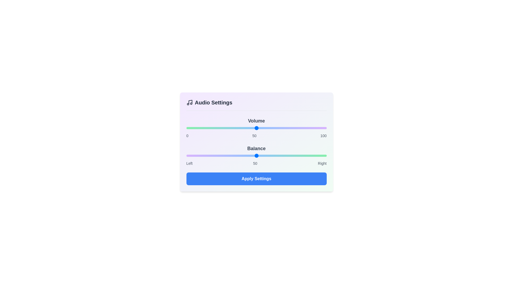 This screenshot has width=510, height=287. What do you see at coordinates (209, 102) in the screenshot?
I see `text 'Audio Settings' which is displayed in bold and large font, accompanied by a music note icon, located at the upper-left corner of the content card` at bounding box center [209, 102].